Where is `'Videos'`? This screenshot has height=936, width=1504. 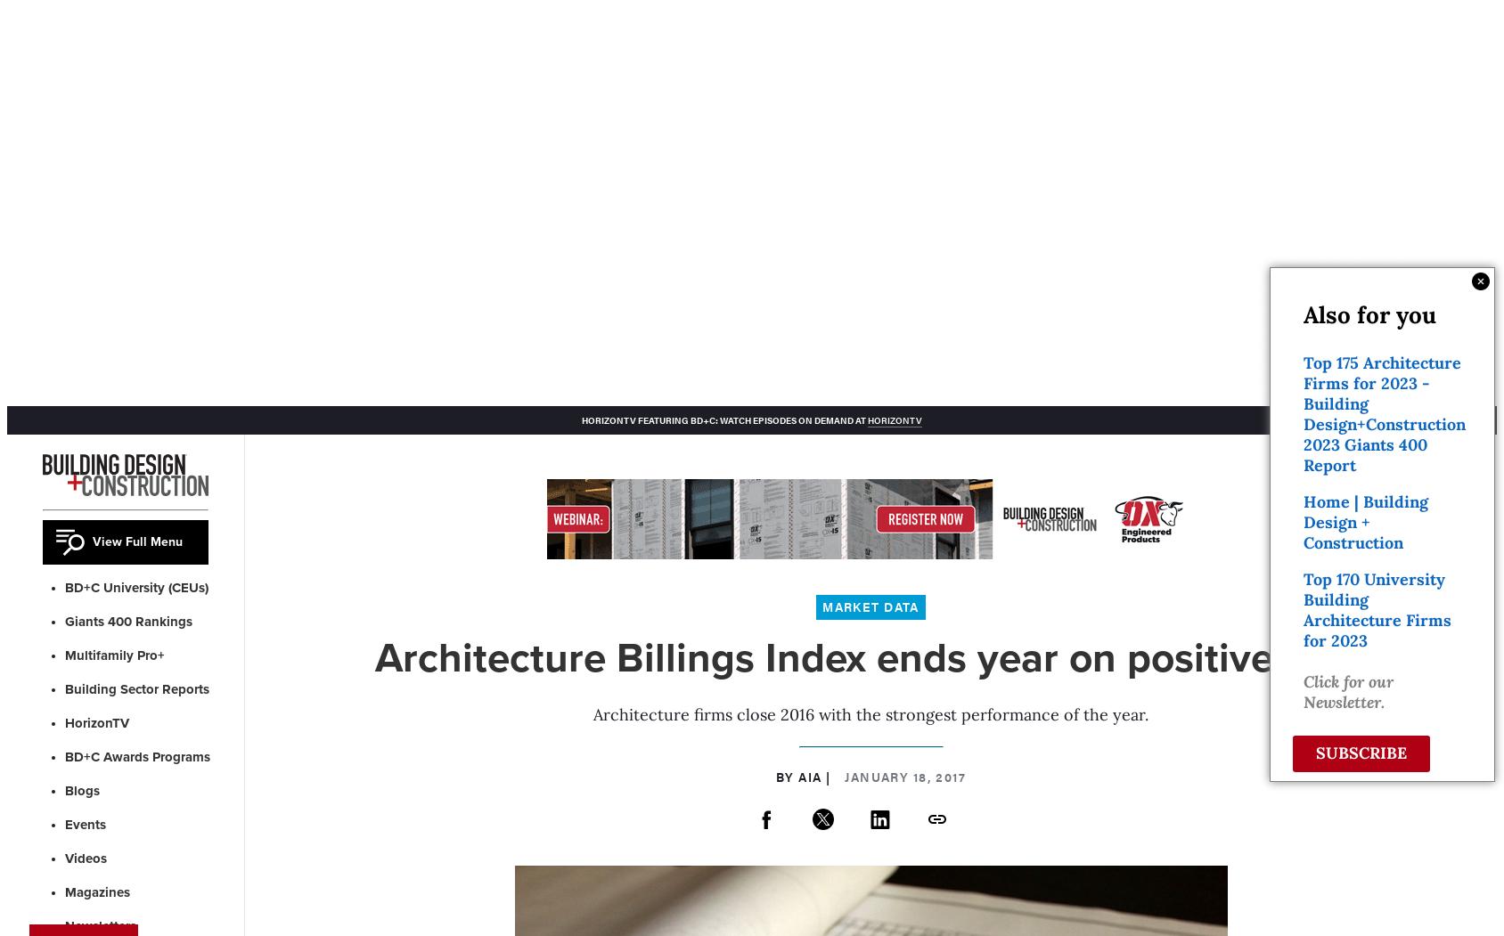 'Videos' is located at coordinates (85, 857).